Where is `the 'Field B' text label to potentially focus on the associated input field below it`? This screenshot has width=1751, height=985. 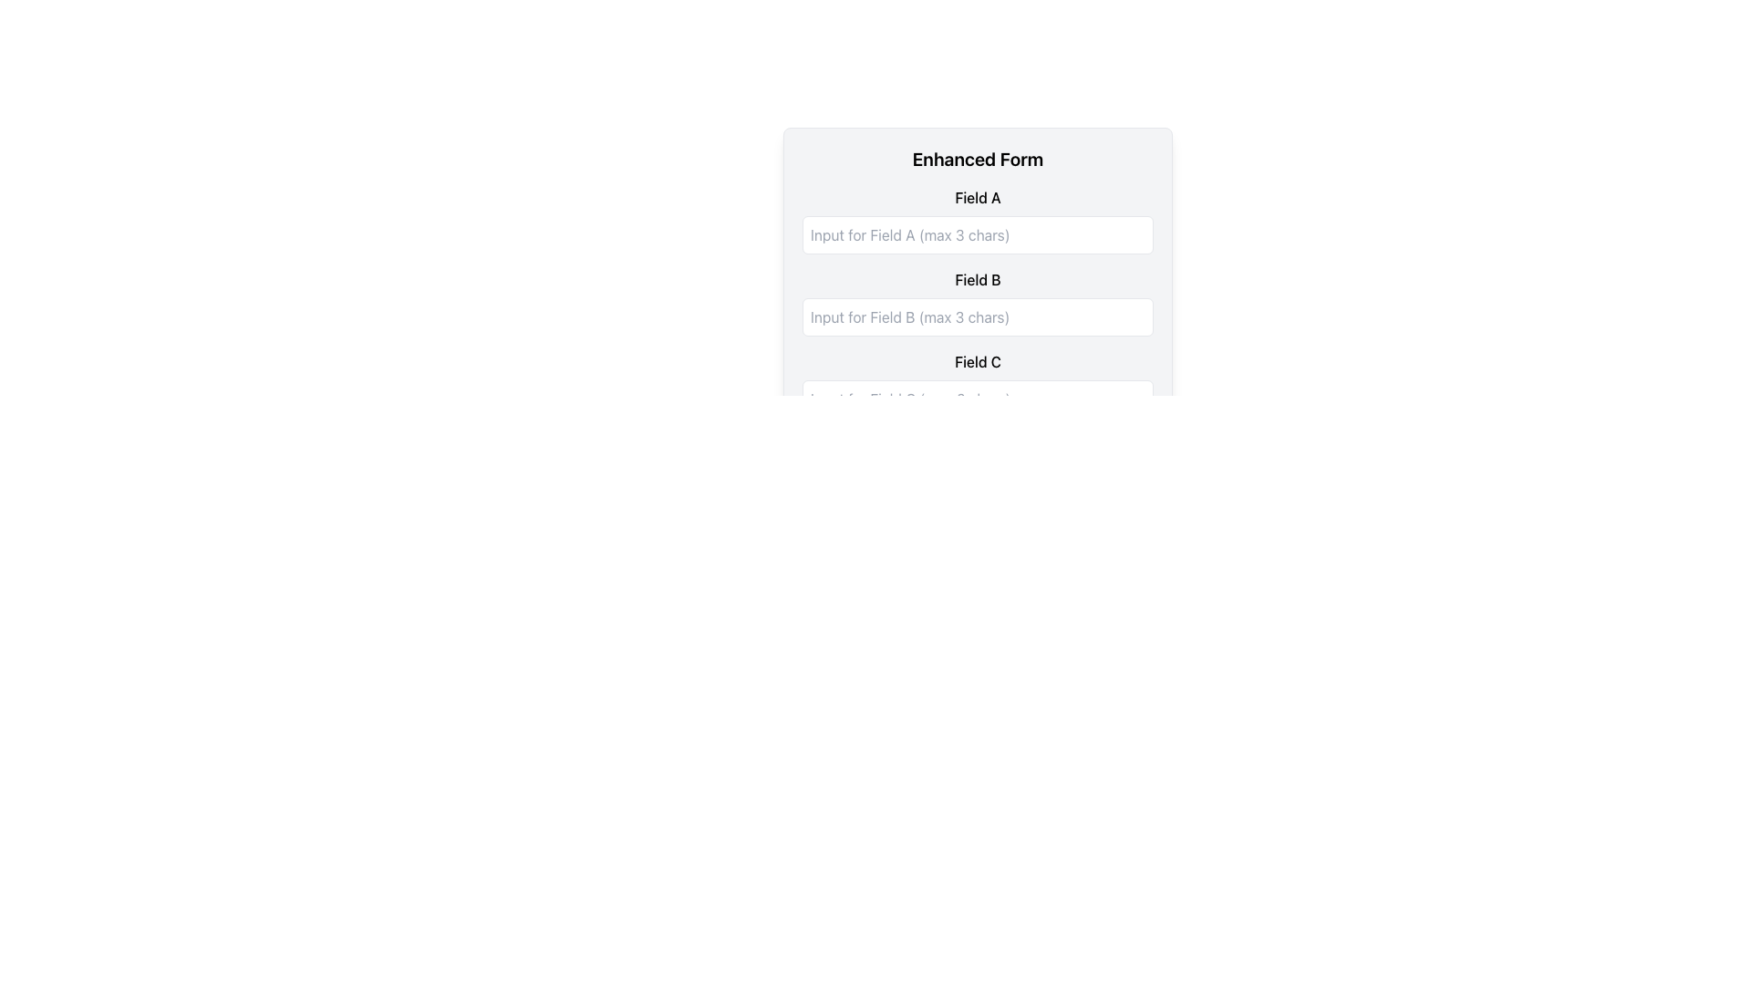 the 'Field B' text label to potentially focus on the associated input field below it is located at coordinates (977, 280).